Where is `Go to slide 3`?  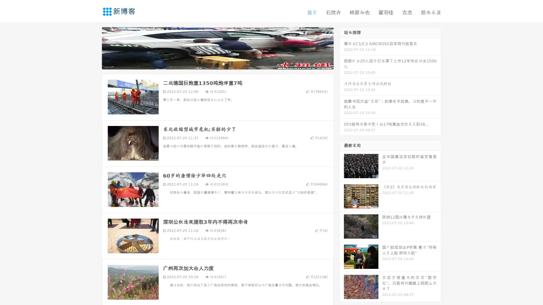
Go to slide 3 is located at coordinates (223, 64).